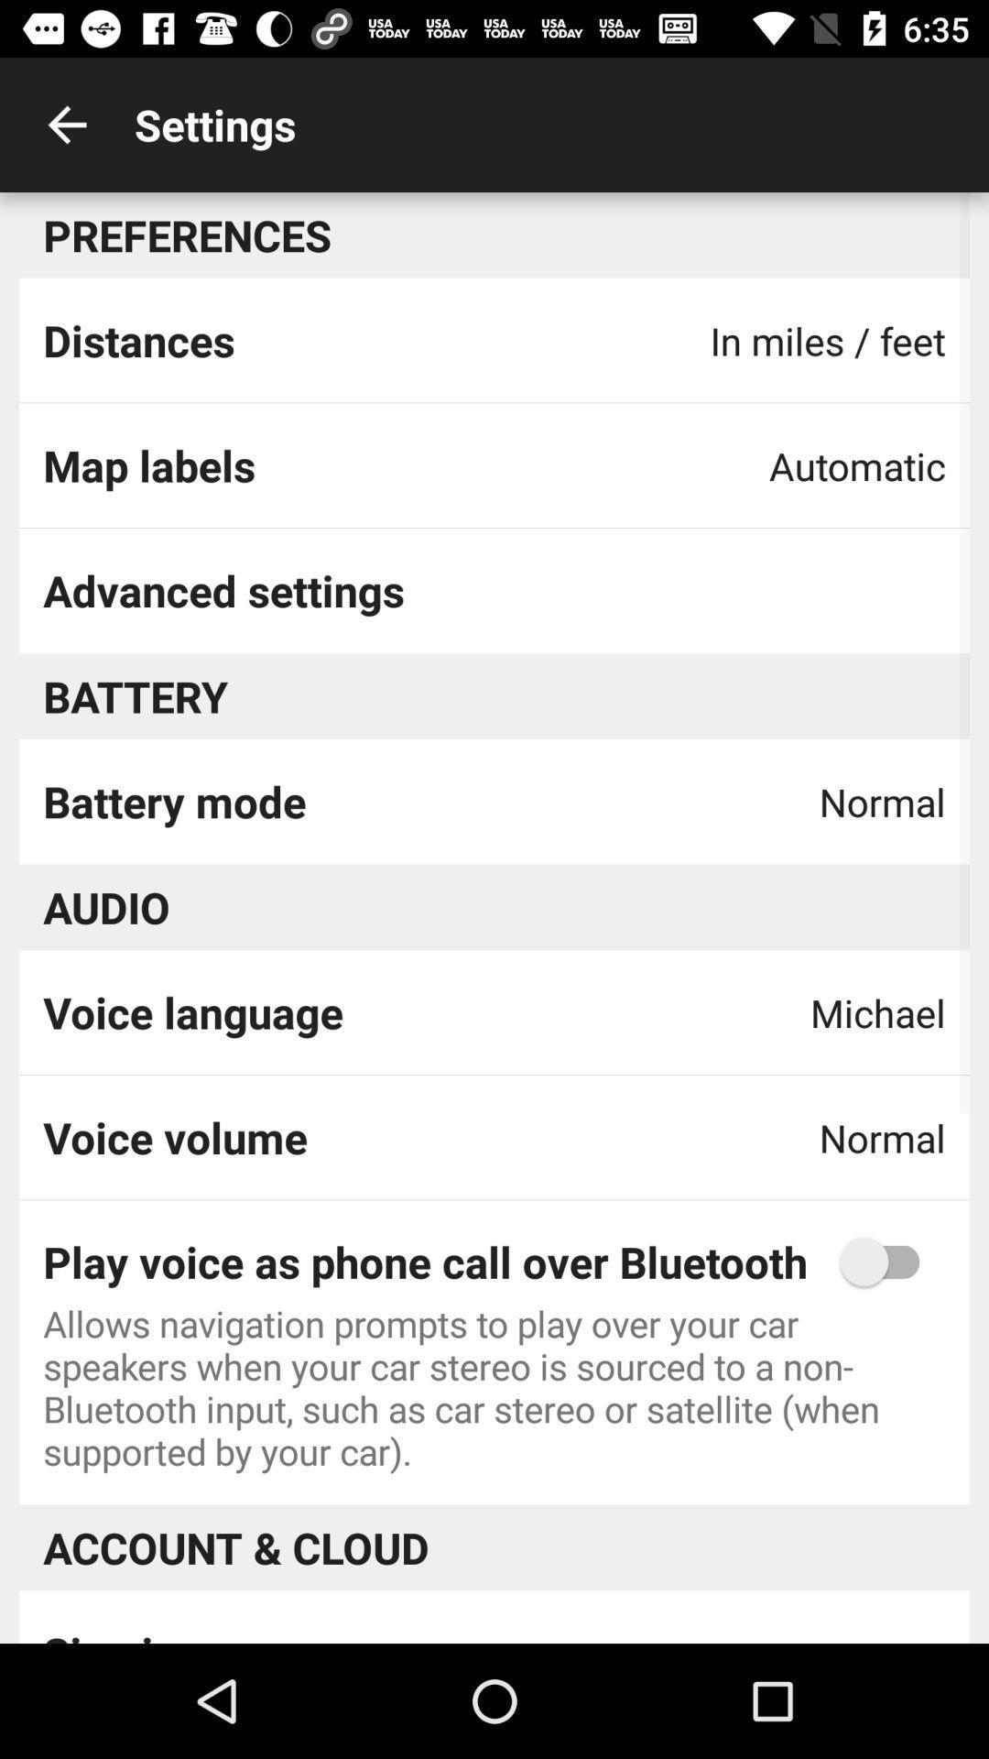 Image resolution: width=989 pixels, height=1759 pixels. Describe the element at coordinates (857, 465) in the screenshot. I see `the icon to the right of map labels icon` at that location.